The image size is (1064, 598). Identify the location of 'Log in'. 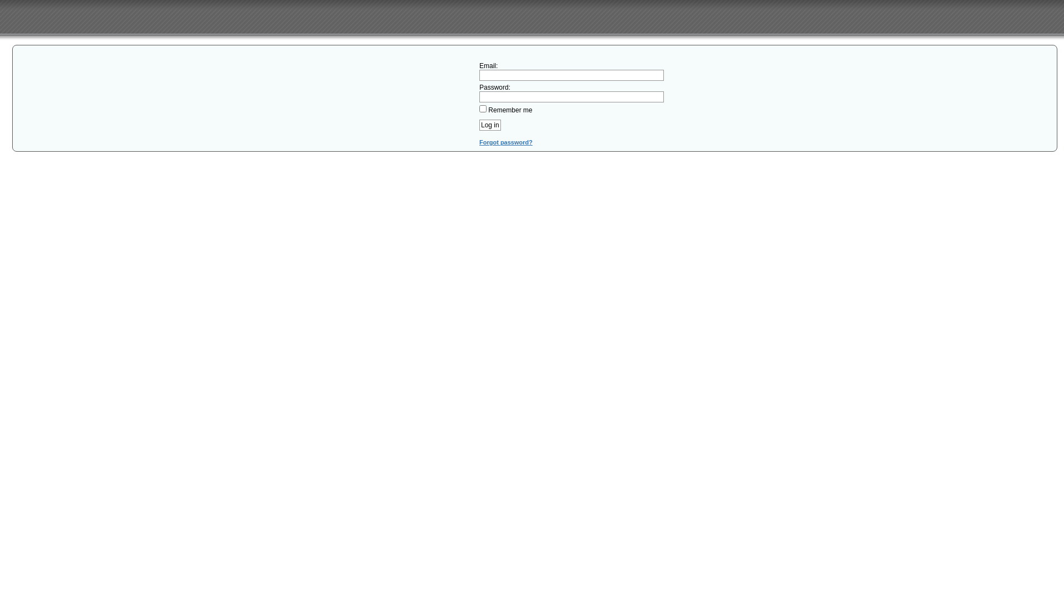
(479, 125).